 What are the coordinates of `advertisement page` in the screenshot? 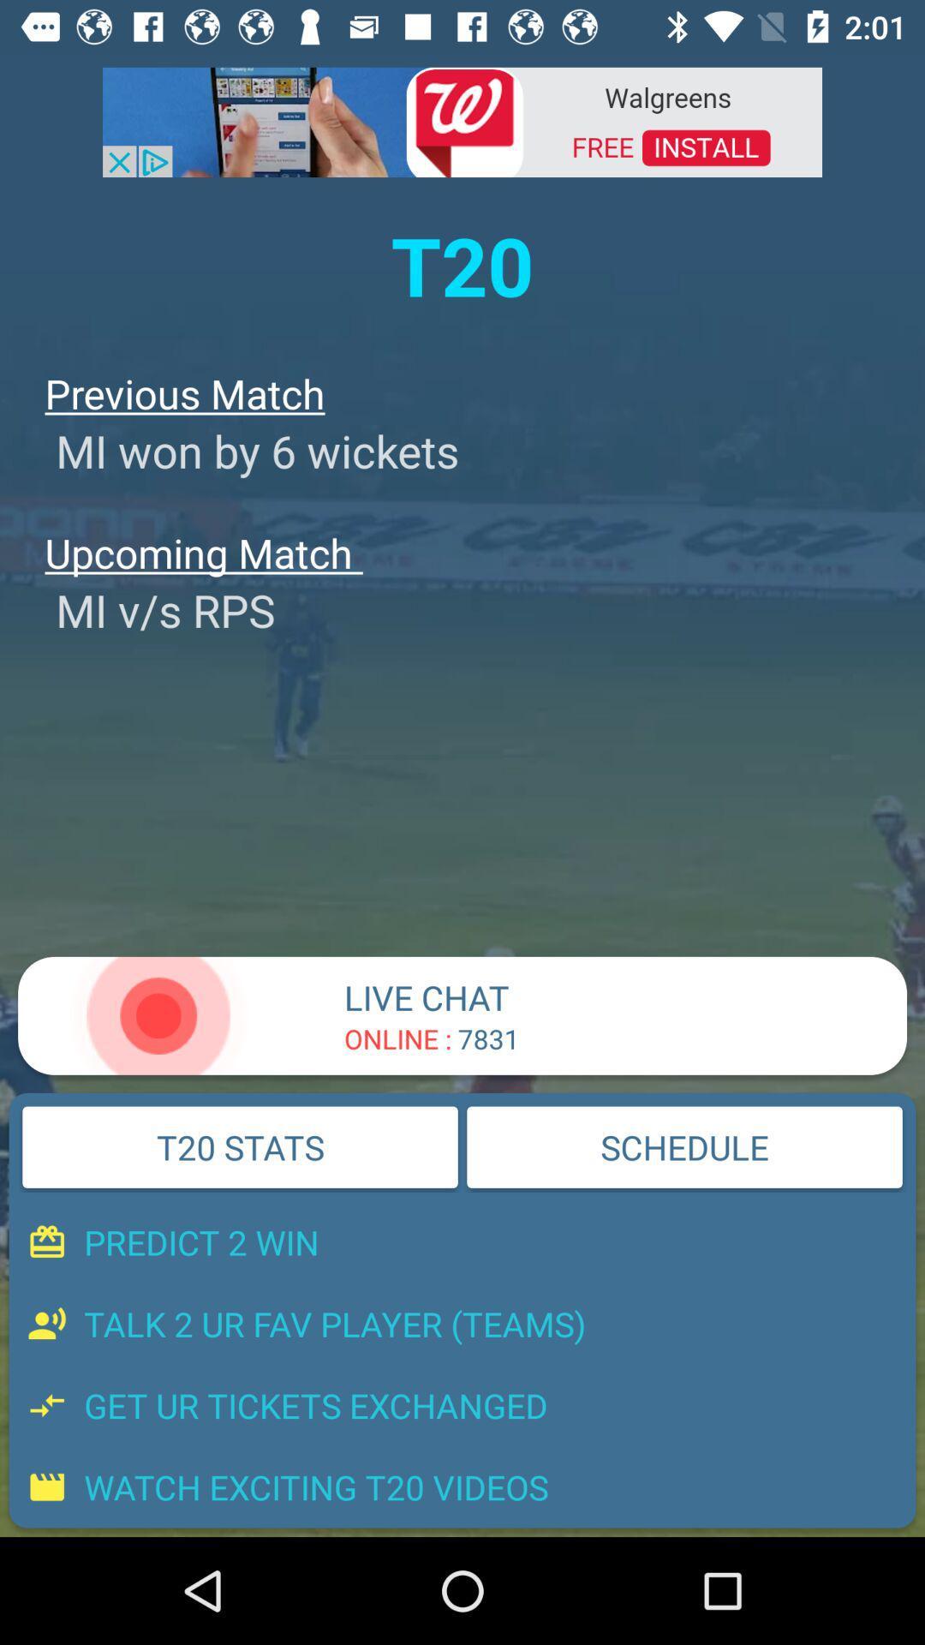 It's located at (462, 120).